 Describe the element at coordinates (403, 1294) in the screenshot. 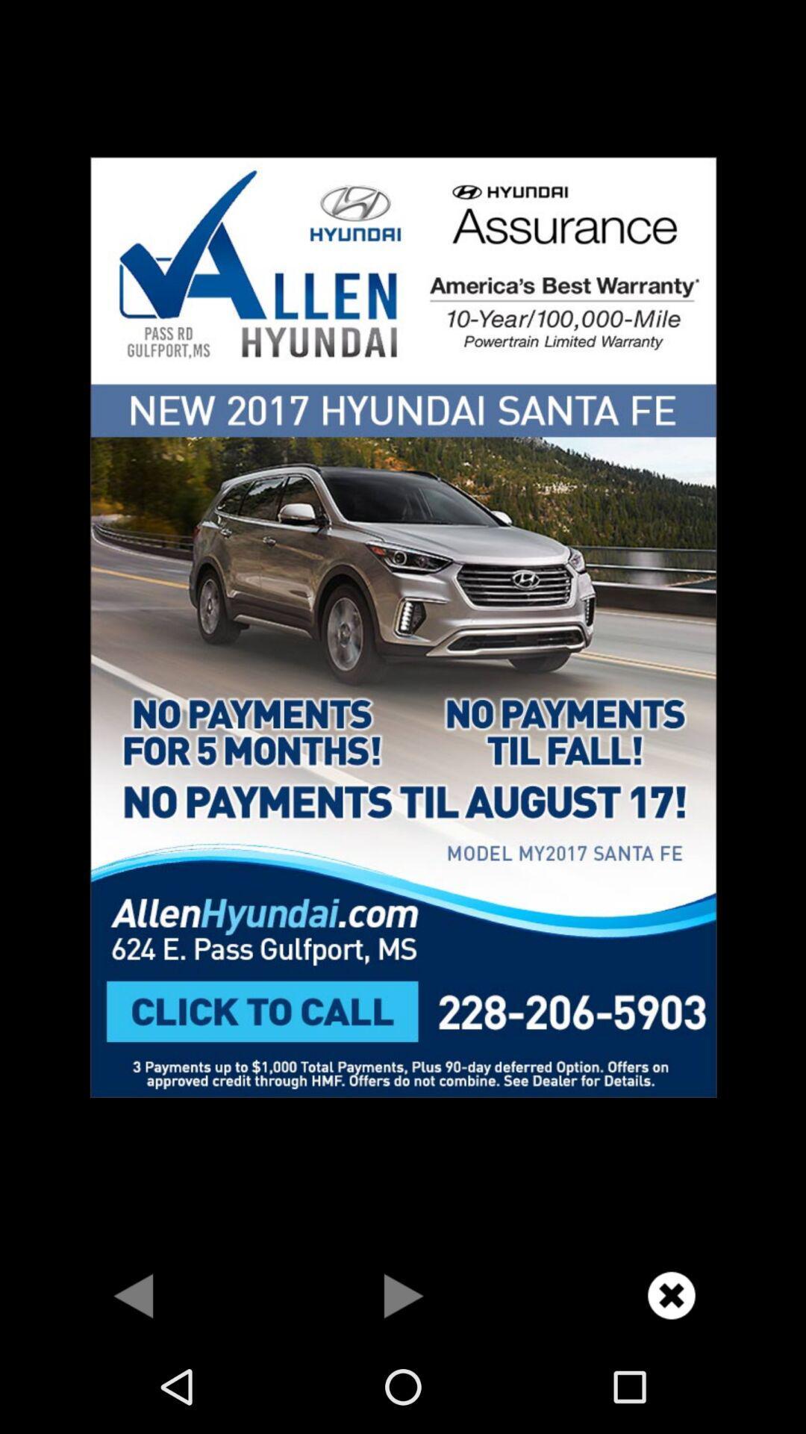

I see `music play` at that location.